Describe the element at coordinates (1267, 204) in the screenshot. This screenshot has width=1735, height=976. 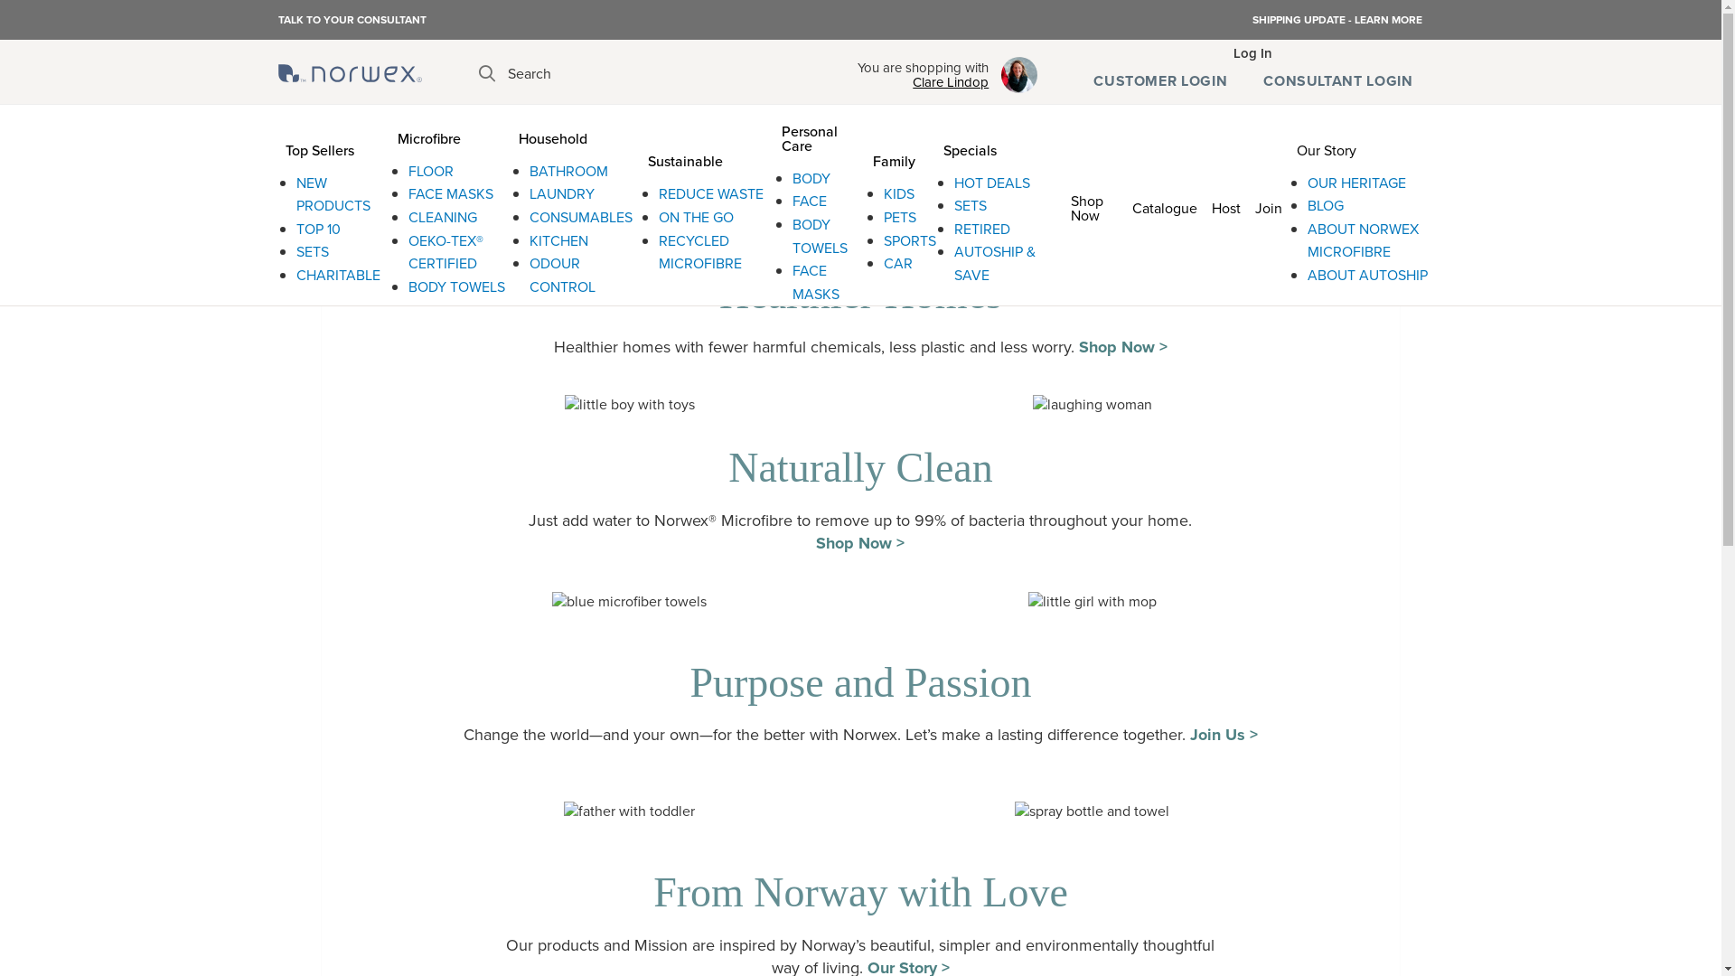
I see `'Join'` at that location.